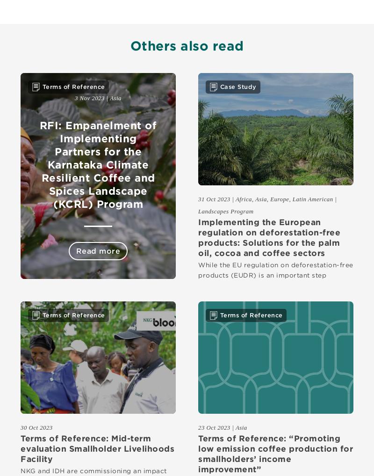 This screenshot has height=476, width=374. Describe the element at coordinates (98, 250) in the screenshot. I see `'Read more'` at that location.